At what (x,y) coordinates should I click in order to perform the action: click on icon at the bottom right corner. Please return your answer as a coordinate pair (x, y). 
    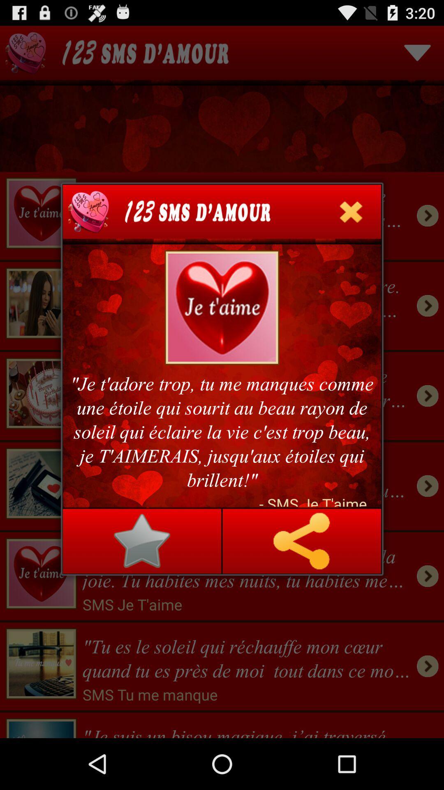
    Looking at the image, I should click on (301, 541).